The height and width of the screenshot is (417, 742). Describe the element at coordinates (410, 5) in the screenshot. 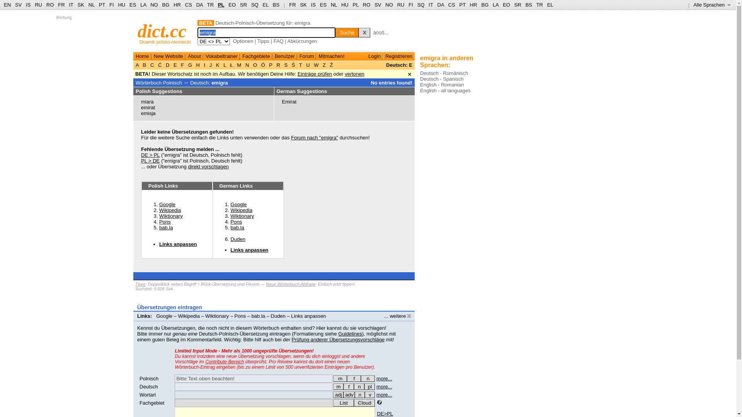

I see `'FI'` at that location.